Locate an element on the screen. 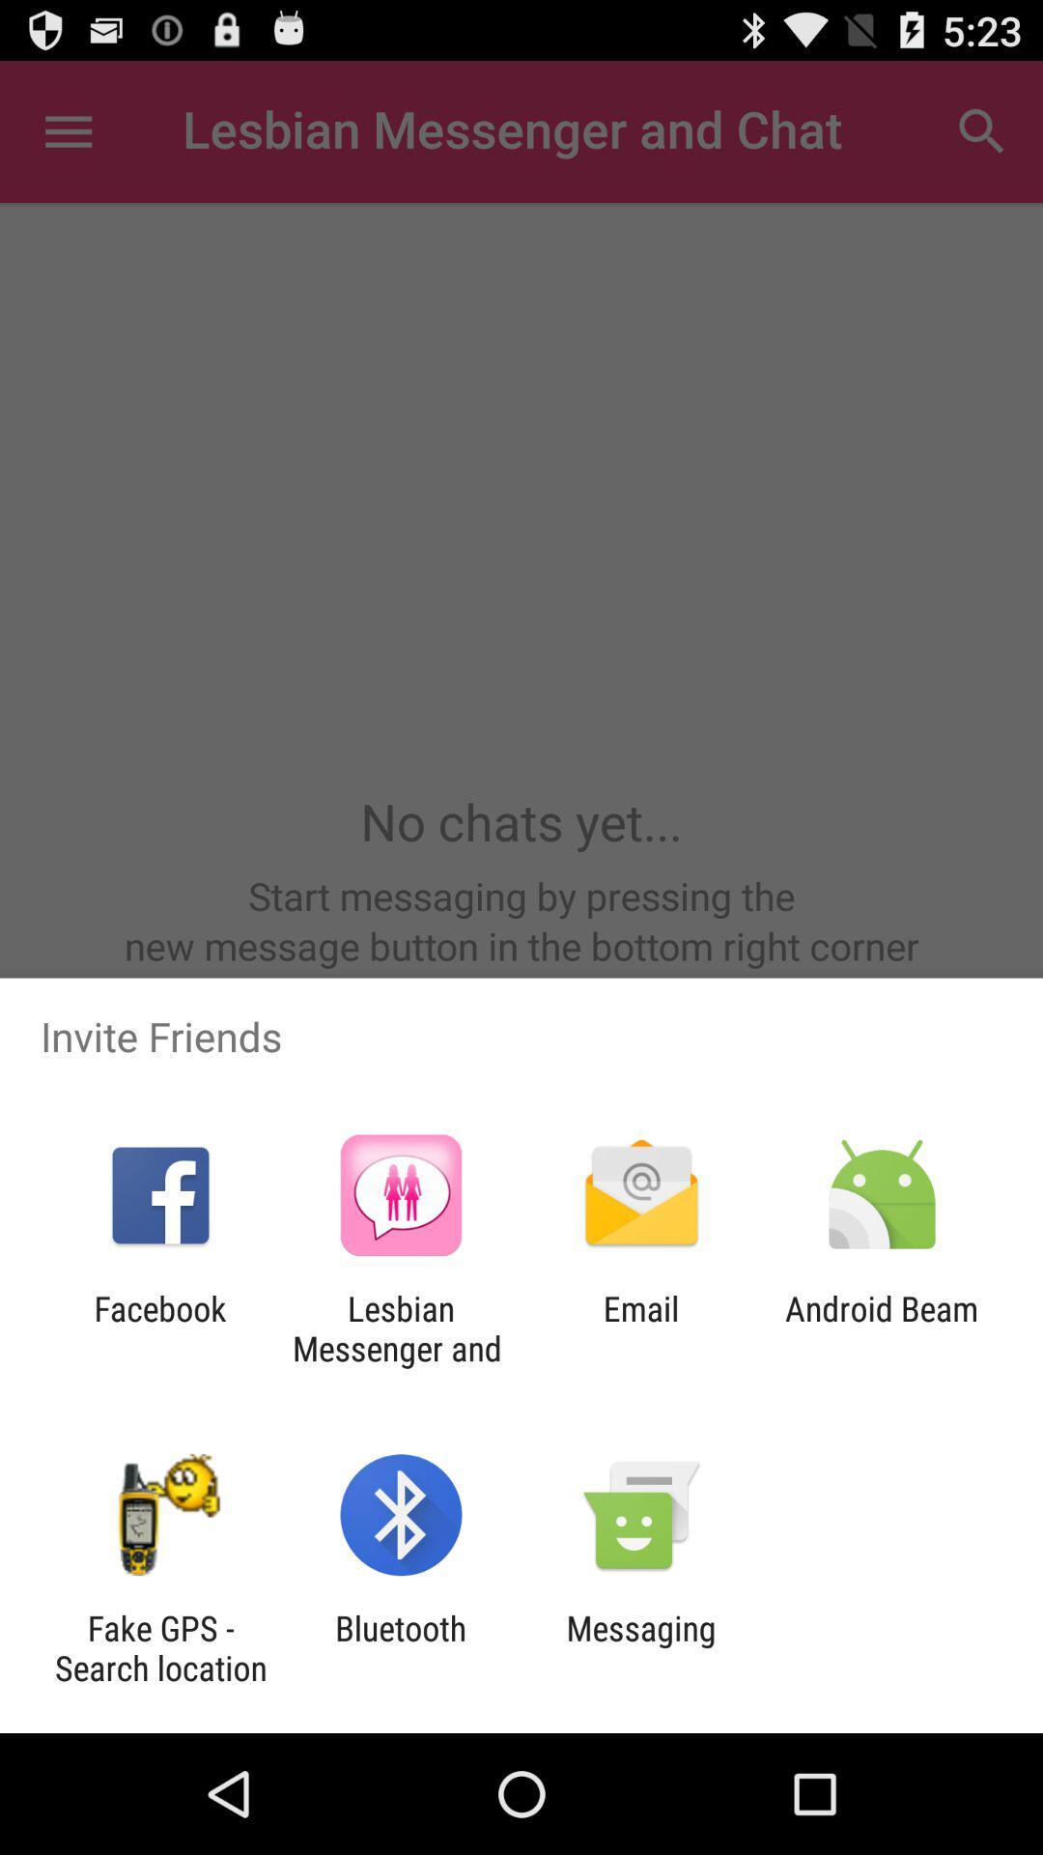  the app next to the facebook is located at coordinates (400, 1327).